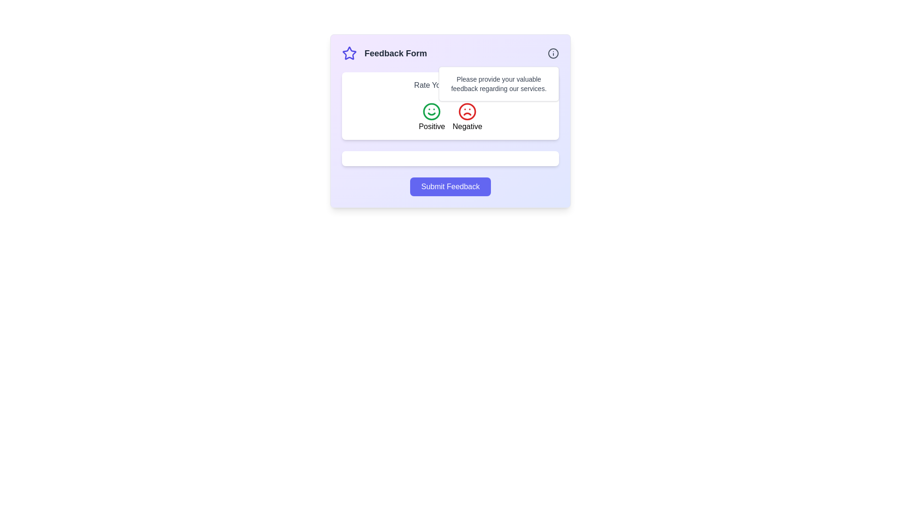 This screenshot has height=507, width=902. What do you see at coordinates (467, 111) in the screenshot?
I see `the red frowning face icon` at bounding box center [467, 111].